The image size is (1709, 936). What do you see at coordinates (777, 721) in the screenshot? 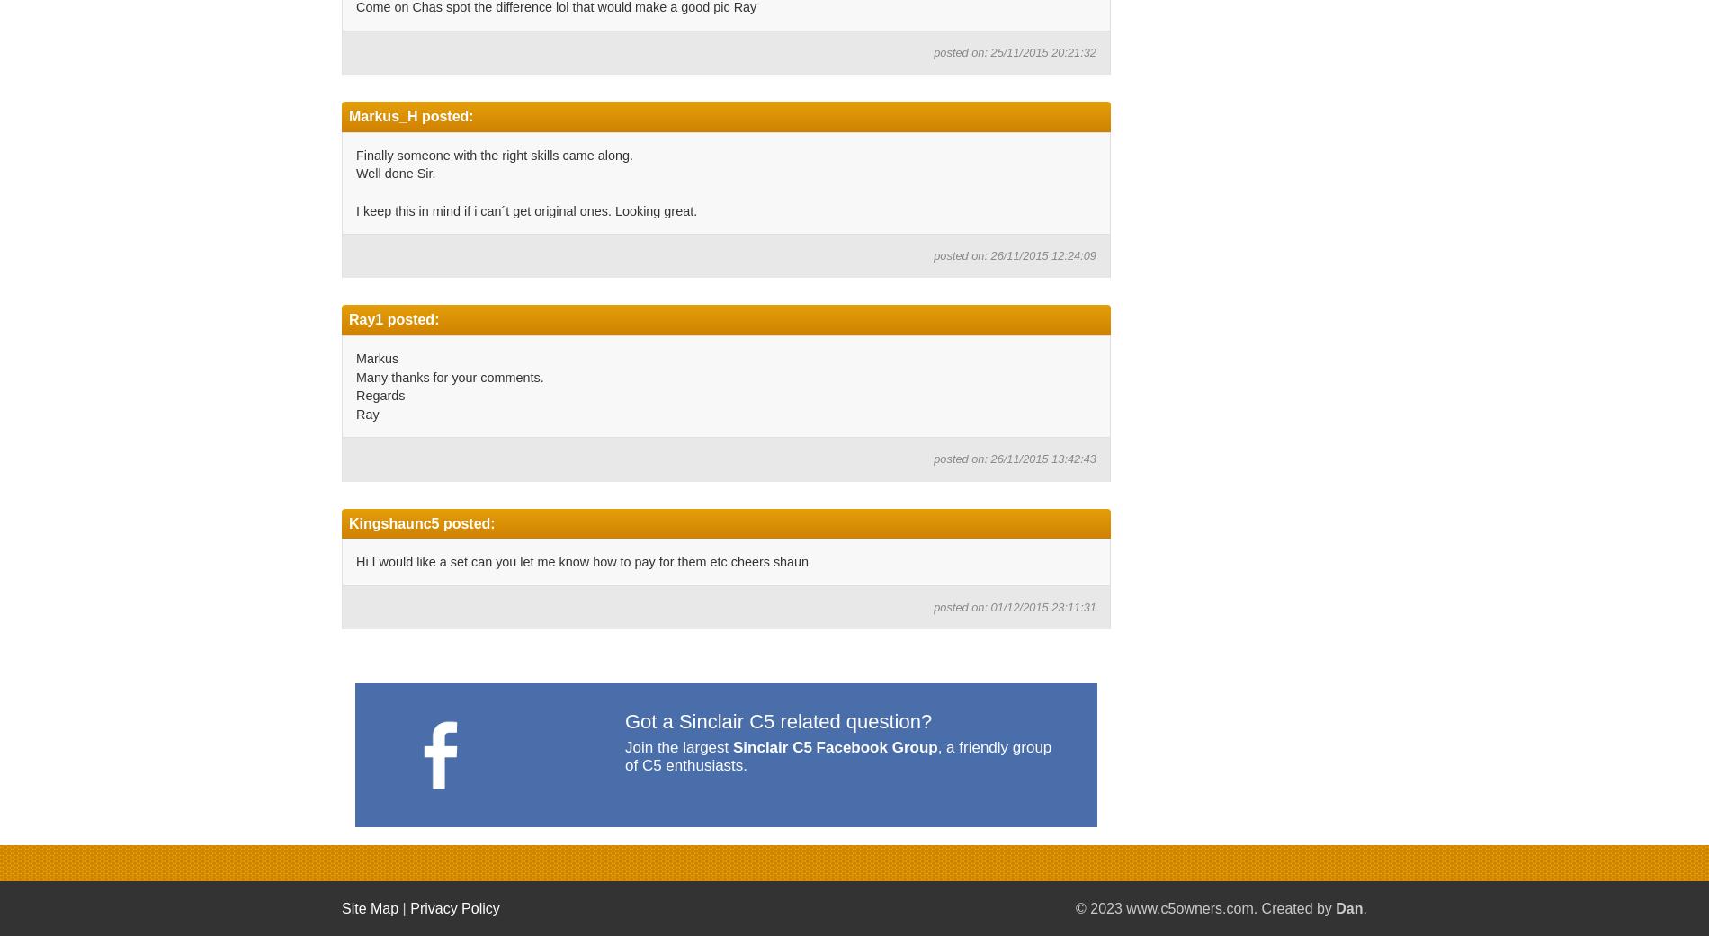
I see `'Got a Sinclair C5 related question?'` at bounding box center [777, 721].